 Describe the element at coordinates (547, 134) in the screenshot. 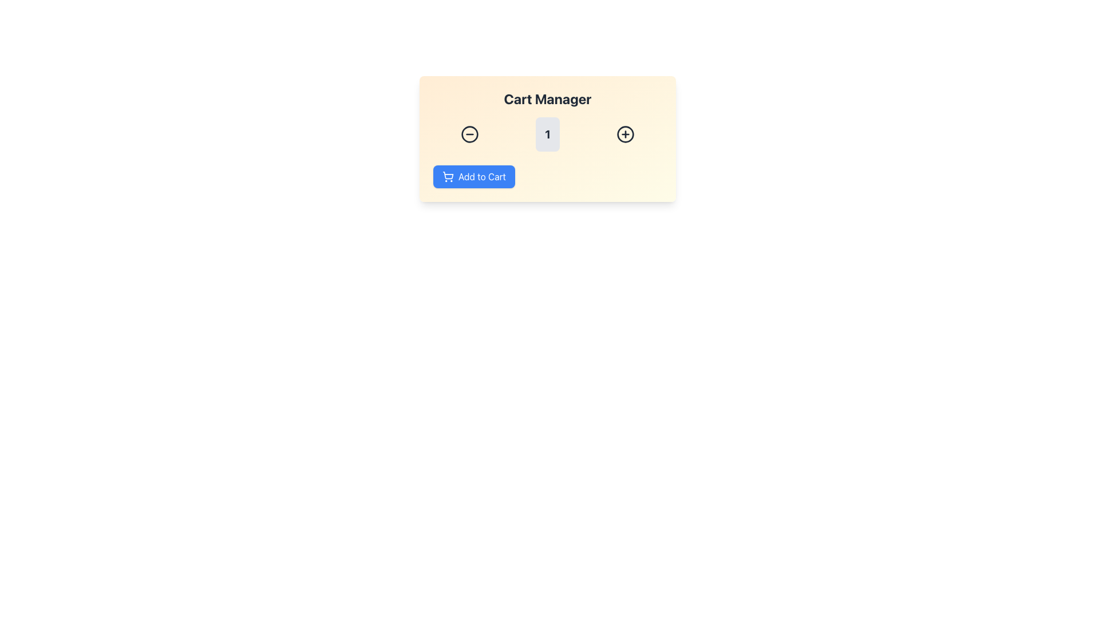

I see `the Text Display Box containing the number '1', which is styled with a gray background and has rounded corners, located between the minus and plus buttons` at that location.